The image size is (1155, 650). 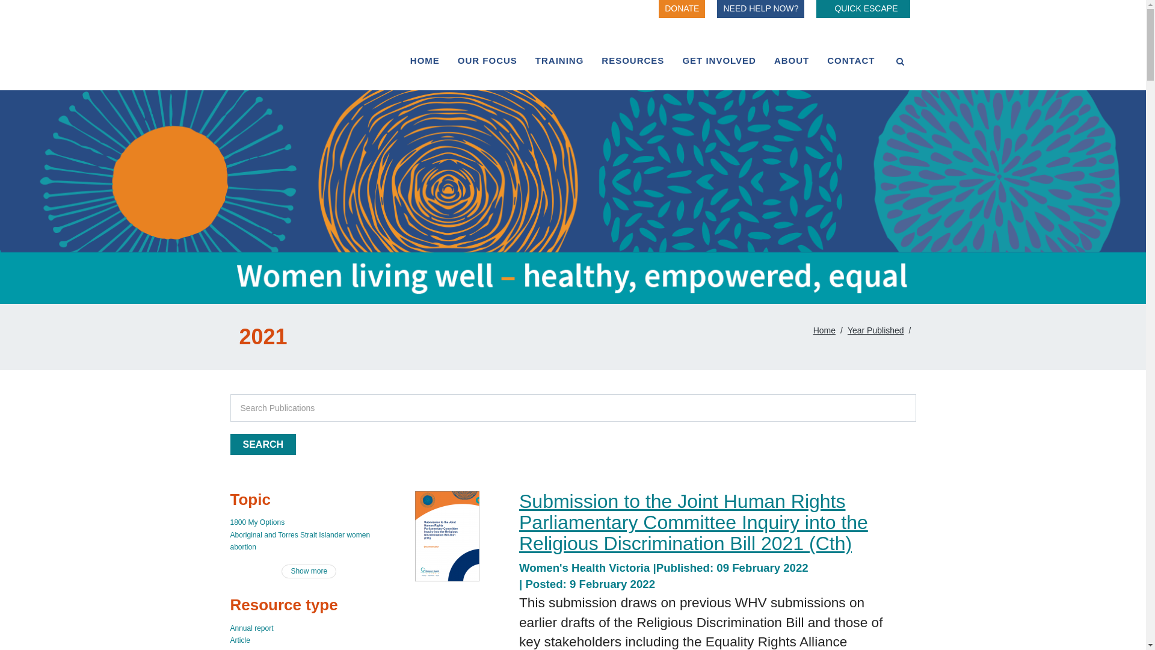 What do you see at coordinates (824, 330) in the screenshot?
I see `'Home'` at bounding box center [824, 330].